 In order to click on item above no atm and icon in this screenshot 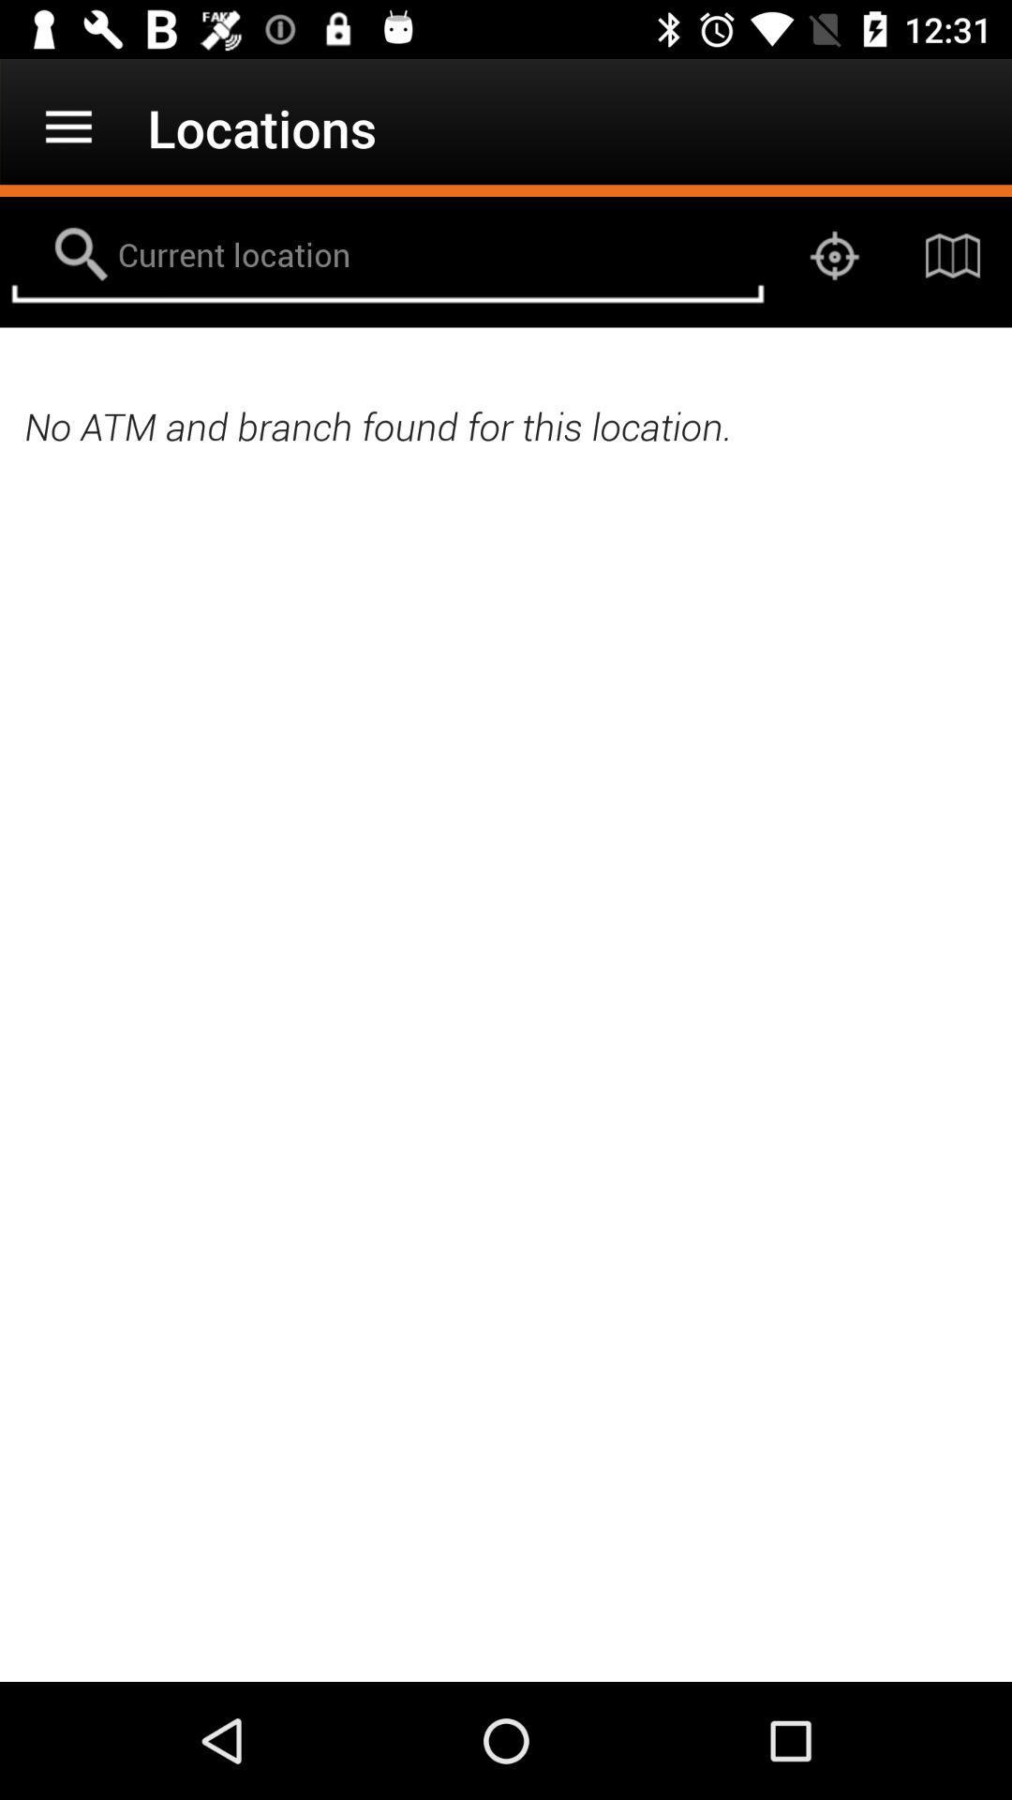, I will do `click(386, 255)`.